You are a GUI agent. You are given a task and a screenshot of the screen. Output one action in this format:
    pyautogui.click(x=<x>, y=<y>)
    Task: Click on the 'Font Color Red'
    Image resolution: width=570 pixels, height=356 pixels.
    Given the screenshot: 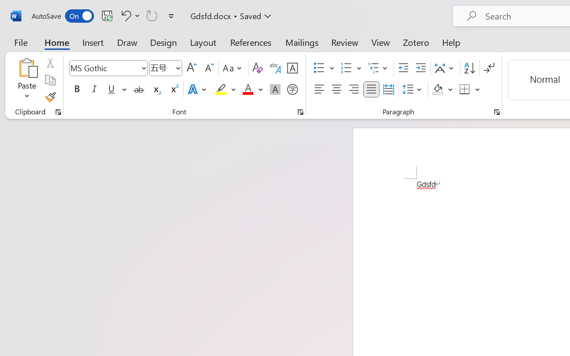 What is the action you would take?
    pyautogui.click(x=248, y=89)
    